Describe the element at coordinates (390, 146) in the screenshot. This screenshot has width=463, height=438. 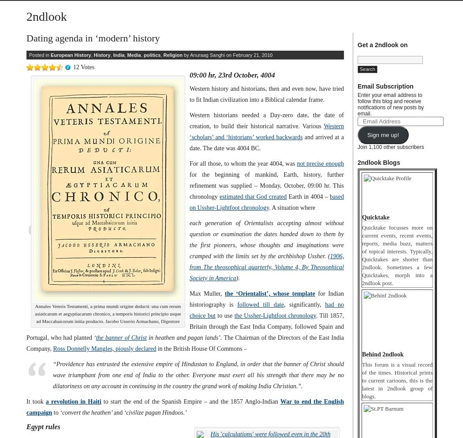
I see `'Join 1,100 other subscribers'` at that location.